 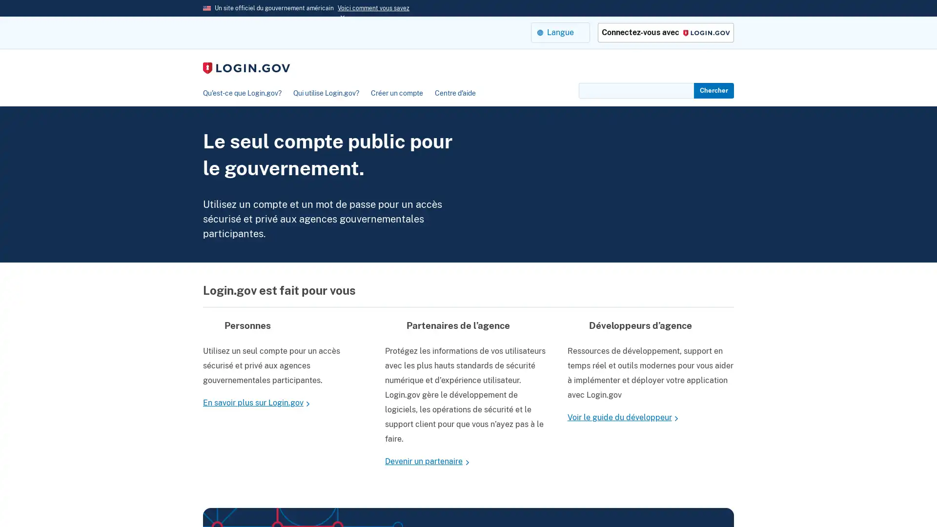 I want to click on Langue, so click(x=560, y=32).